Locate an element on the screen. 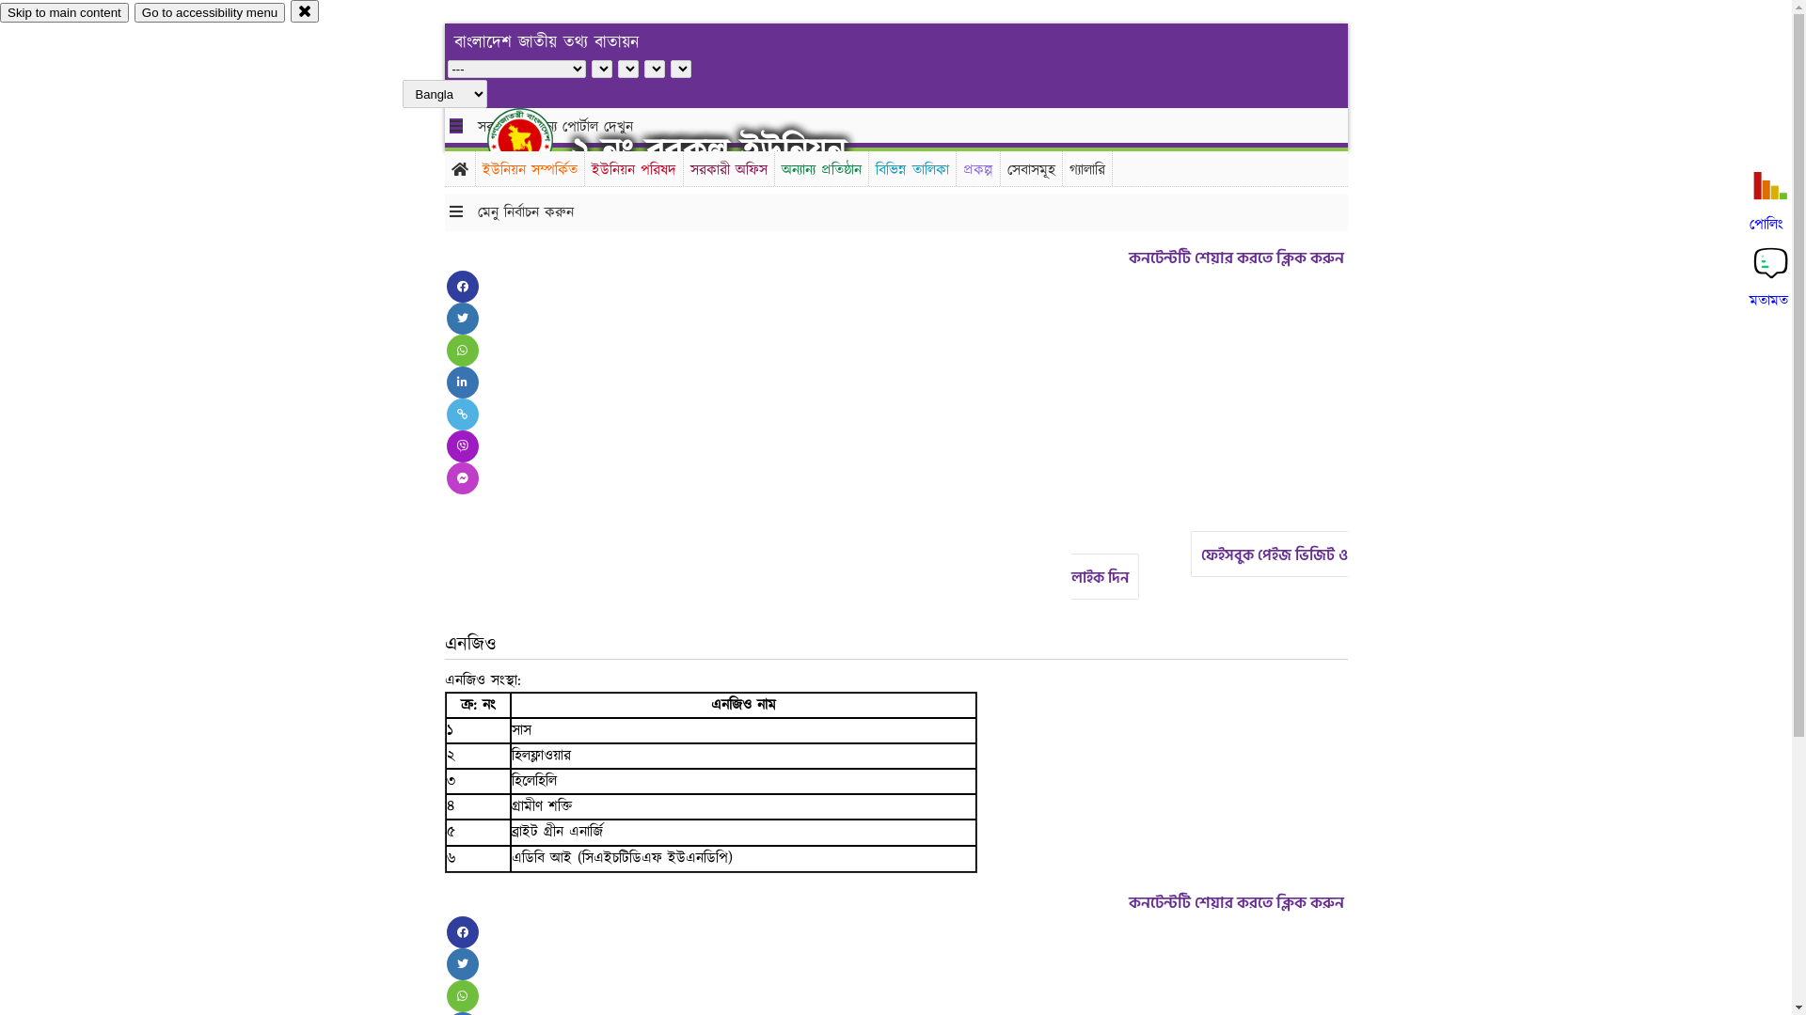 The image size is (1806, 1015). 'Skip to main content' is located at coordinates (64, 12).